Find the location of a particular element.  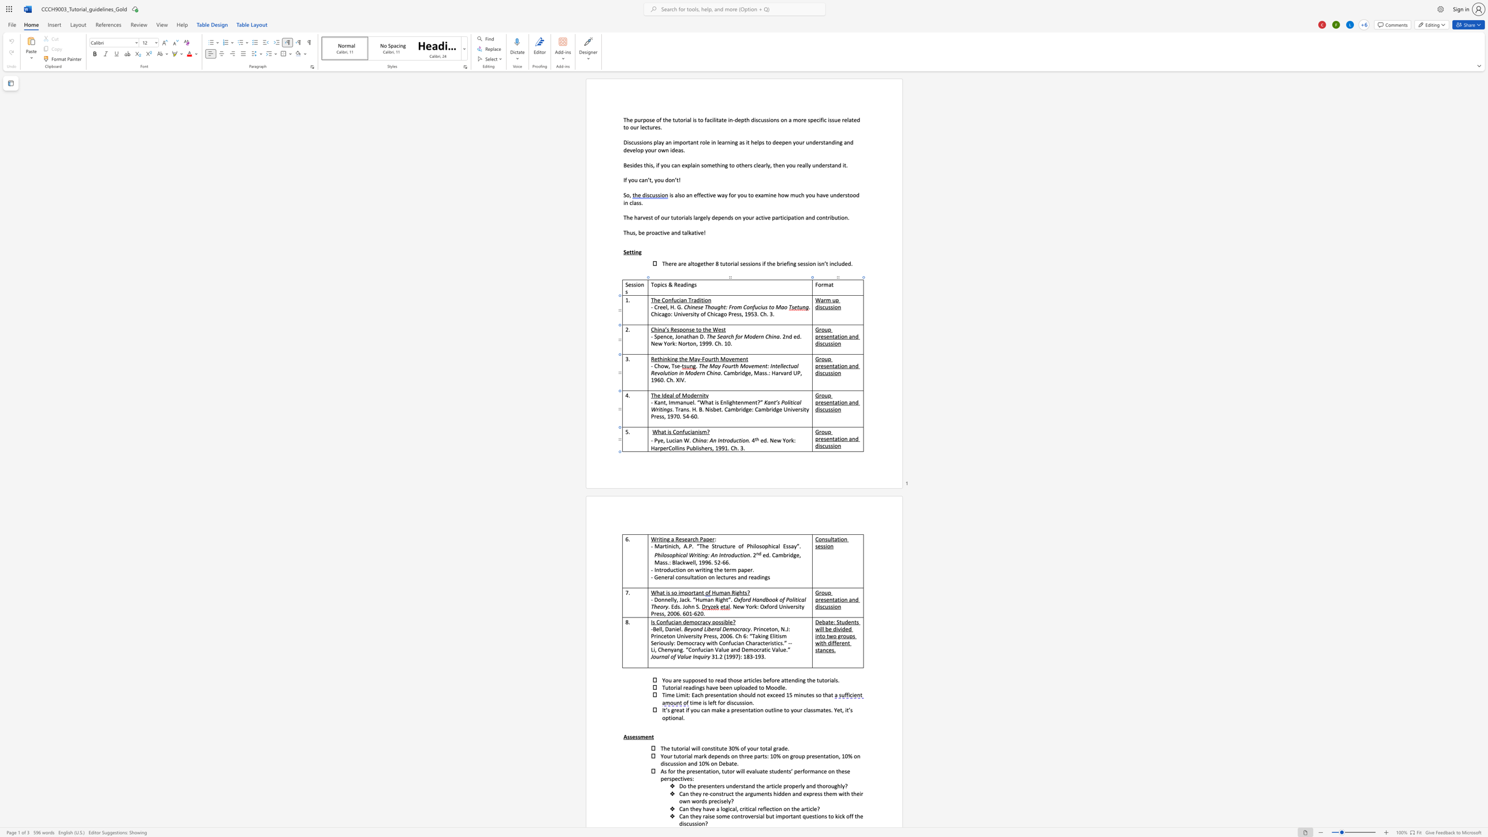

the space between the continuous character "P" and "u" in the text is located at coordinates (689, 448).